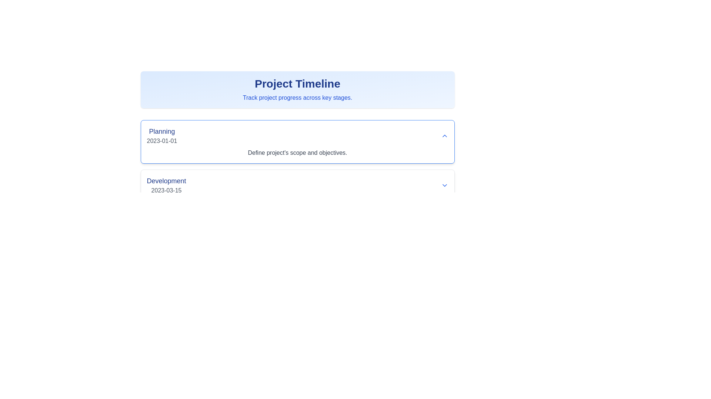 The width and height of the screenshot is (711, 399). I want to click on the small blue downward-pointing chevron icon located to the right of the text 'Development' and '2023-03-15', so click(444, 185).